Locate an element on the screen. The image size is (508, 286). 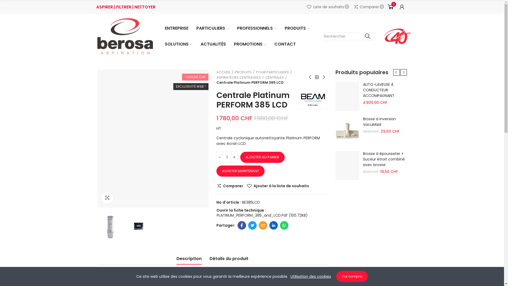
'Email' is located at coordinates (259, 225).